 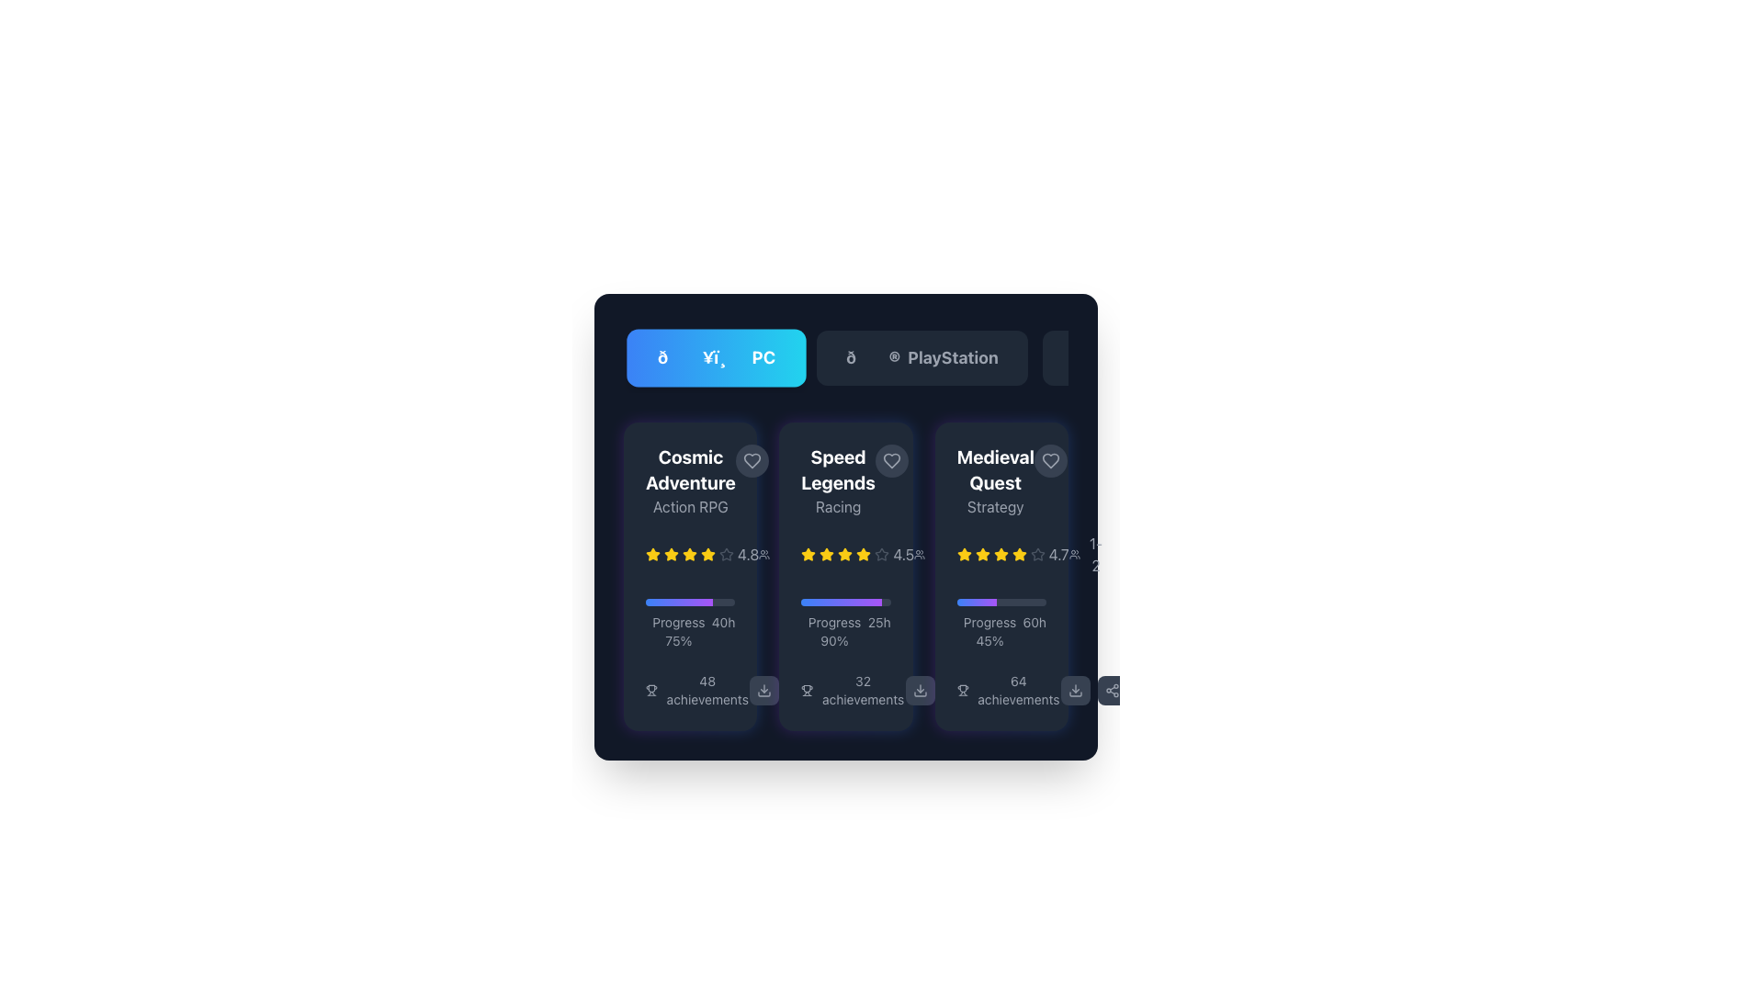 I want to click on the numeric rating display element showing '4.8' which is styled in light gray and located next to yellow stars in the bottom portion of a card layout, so click(x=748, y=554).